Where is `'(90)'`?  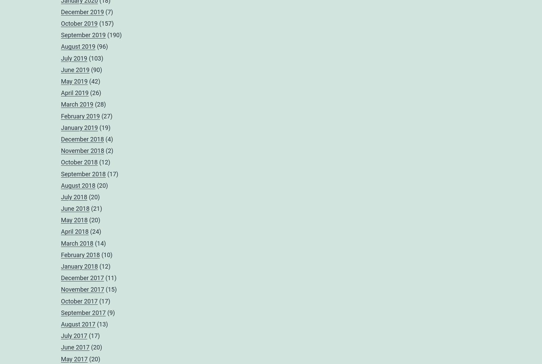
'(90)' is located at coordinates (96, 69).